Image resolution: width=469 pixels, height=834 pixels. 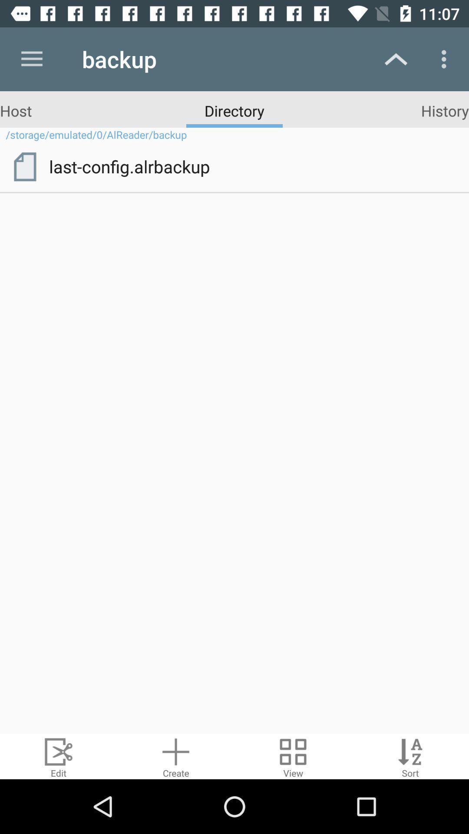 I want to click on edit option, so click(x=59, y=756).